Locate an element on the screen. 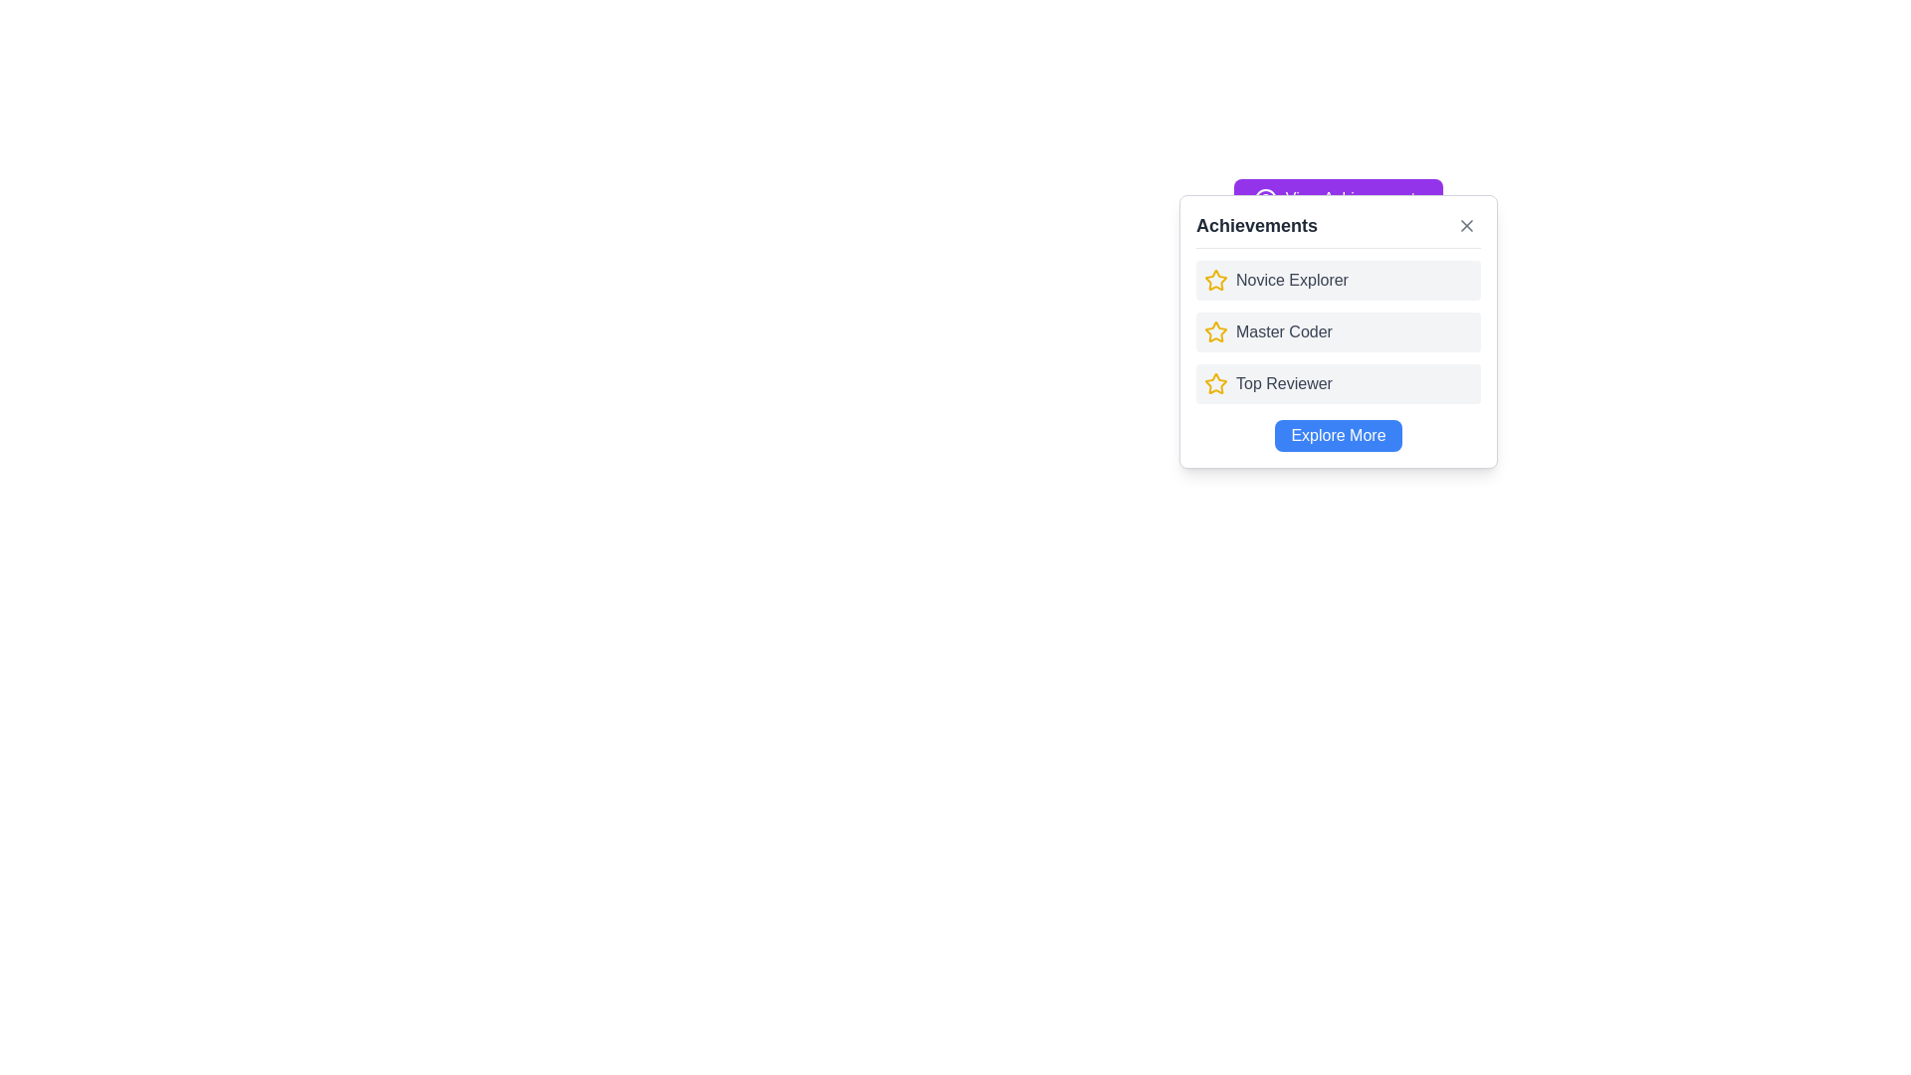 This screenshot has width=1911, height=1075. the star icon representing the 'Top Reviewer' achievement located in the third row of the 'Achievements' section of the modal window is located at coordinates (1215, 383).